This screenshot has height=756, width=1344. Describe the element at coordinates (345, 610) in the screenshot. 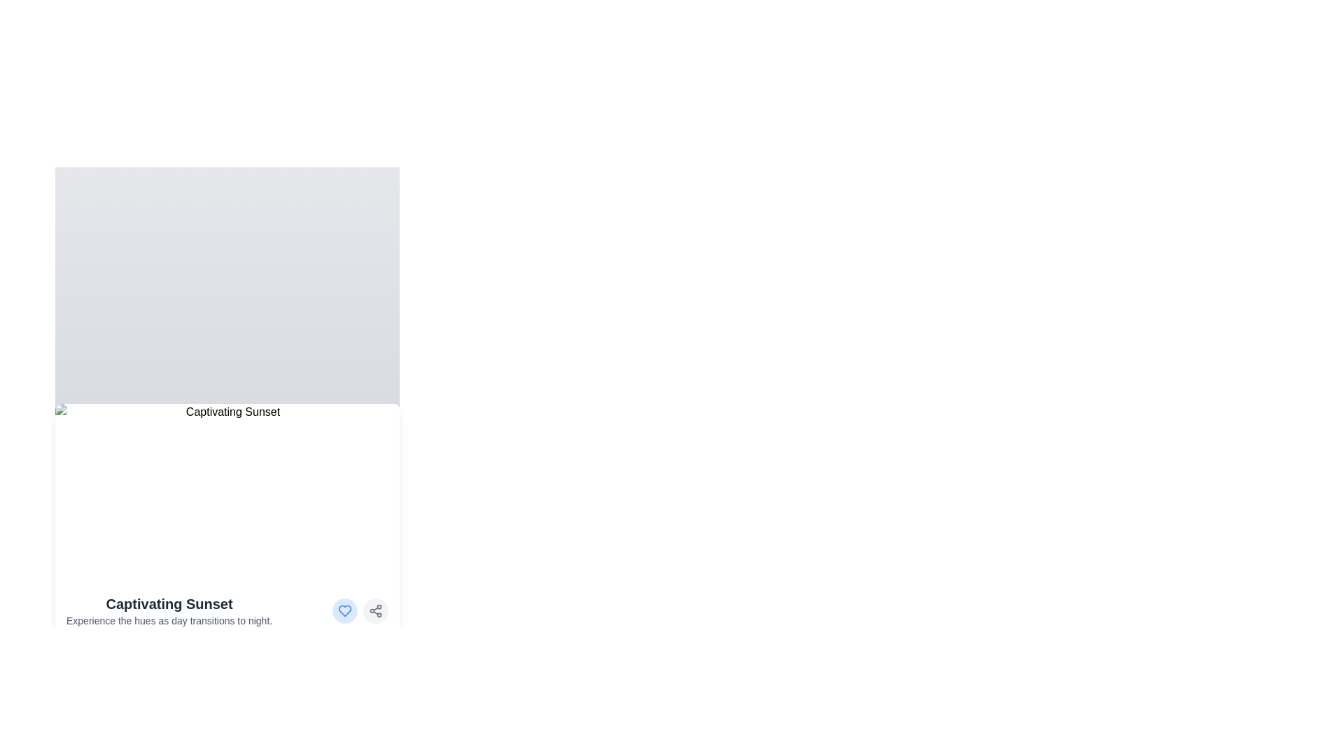

I see `the rounded blue button with a heart icon located at the bottom-right corner of the 'Captivating Sunset' card to like the item` at that location.